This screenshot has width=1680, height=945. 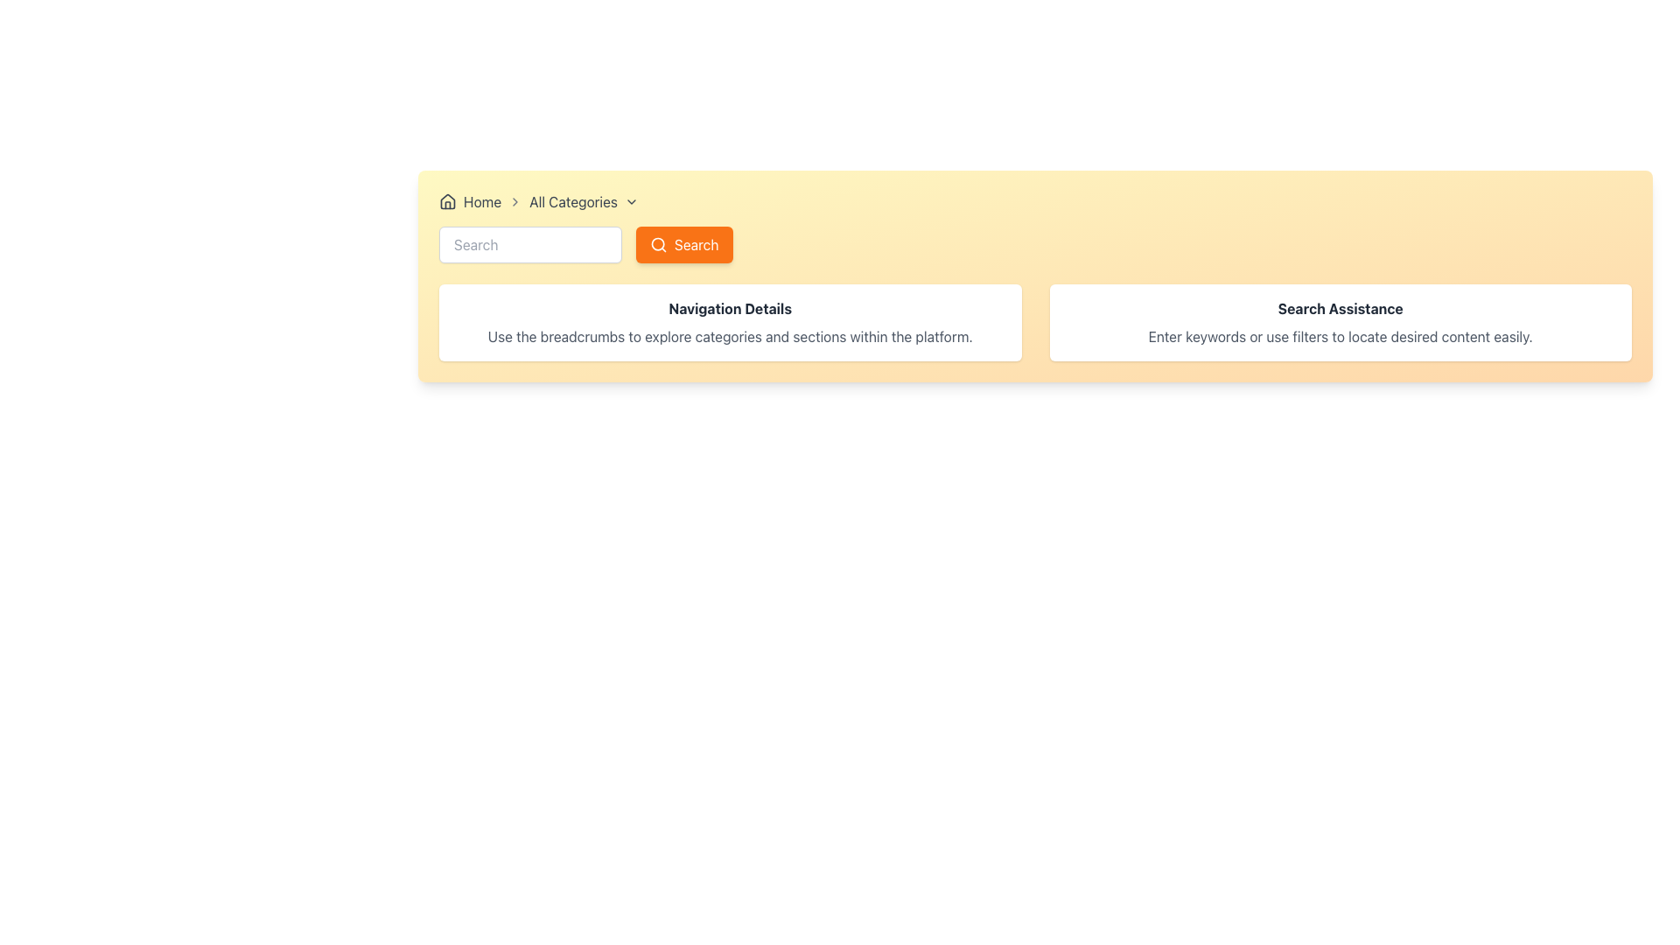 What do you see at coordinates (631, 201) in the screenshot?
I see `the Chevron Down Icon located in the breadcrumb navigation bar` at bounding box center [631, 201].